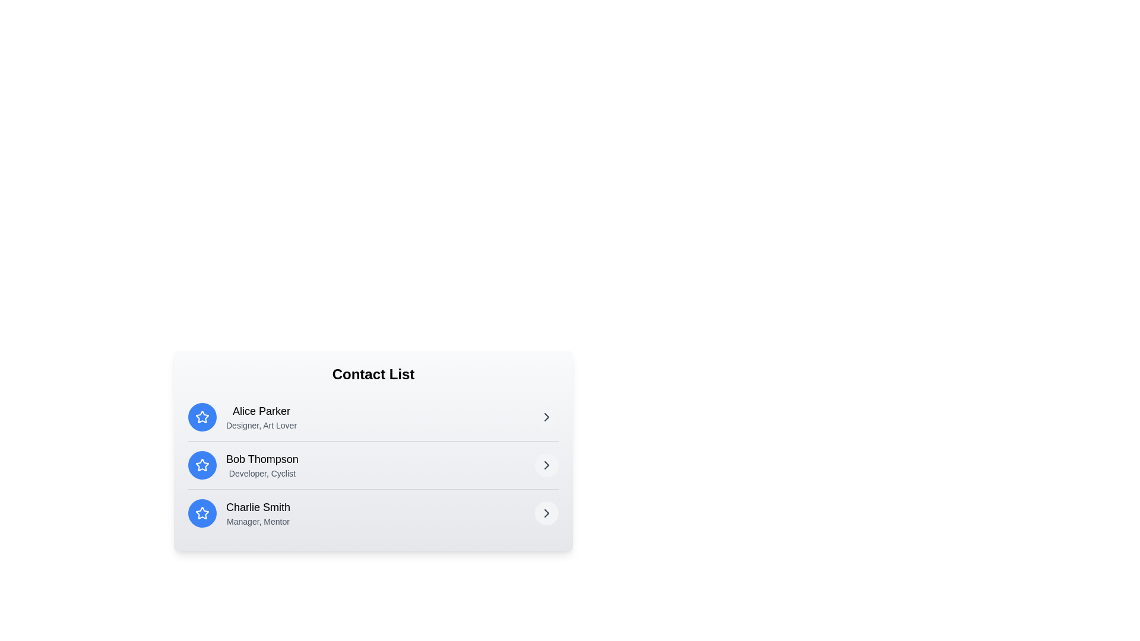  Describe the element at coordinates (546, 416) in the screenshot. I see `the right arrow button for the contact Alice Parker` at that location.